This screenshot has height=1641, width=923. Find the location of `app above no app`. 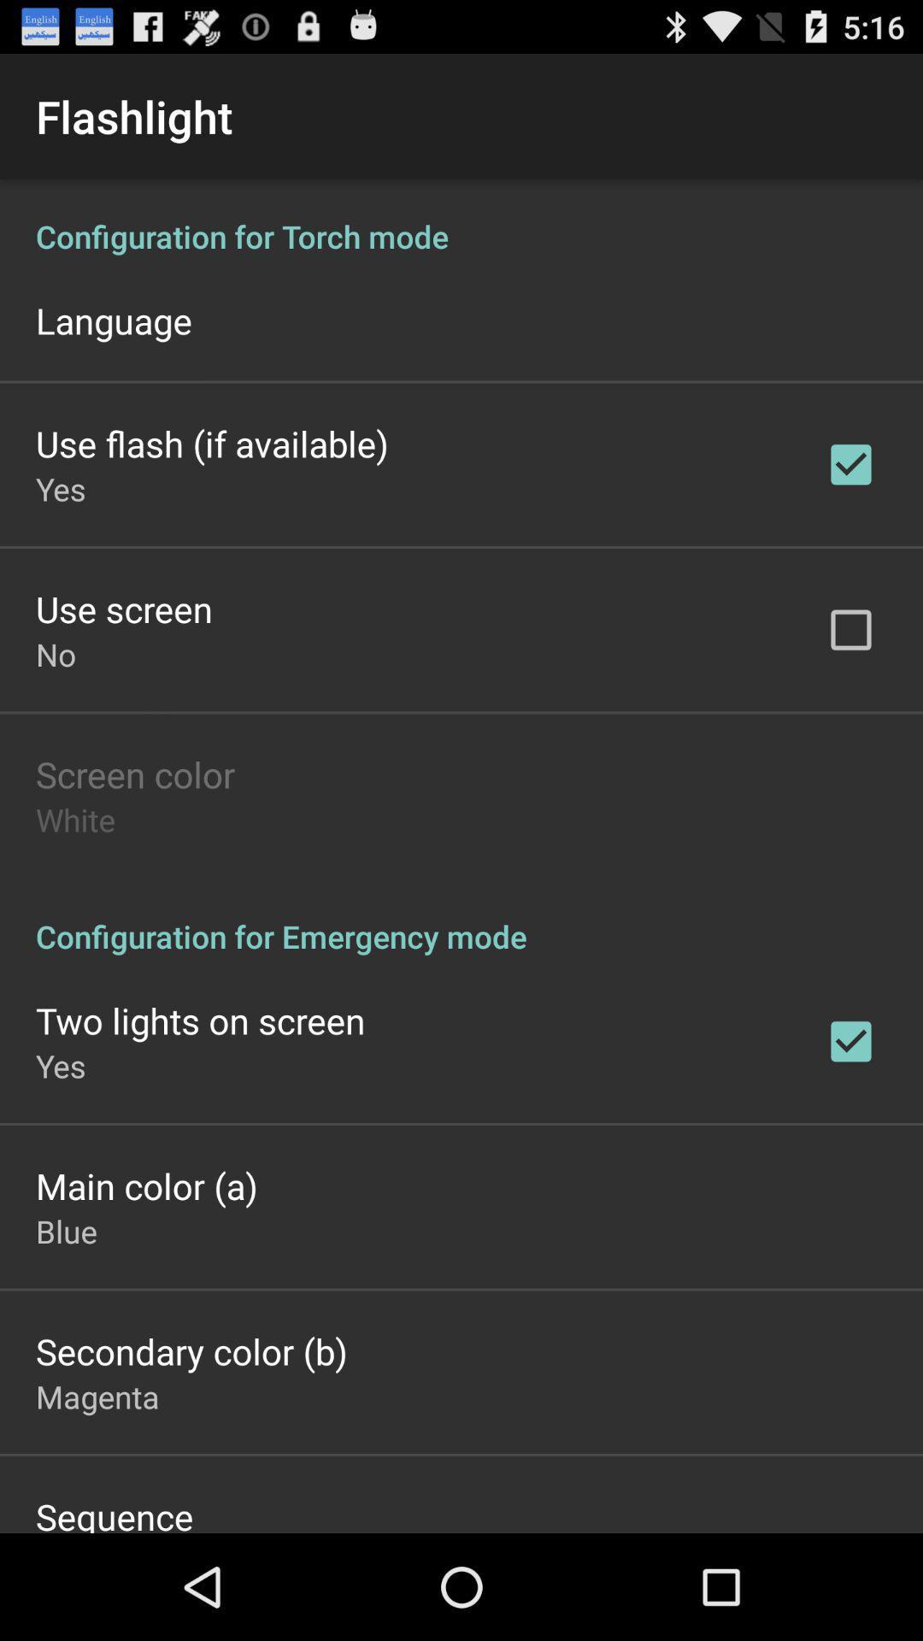

app above no app is located at coordinates (123, 609).